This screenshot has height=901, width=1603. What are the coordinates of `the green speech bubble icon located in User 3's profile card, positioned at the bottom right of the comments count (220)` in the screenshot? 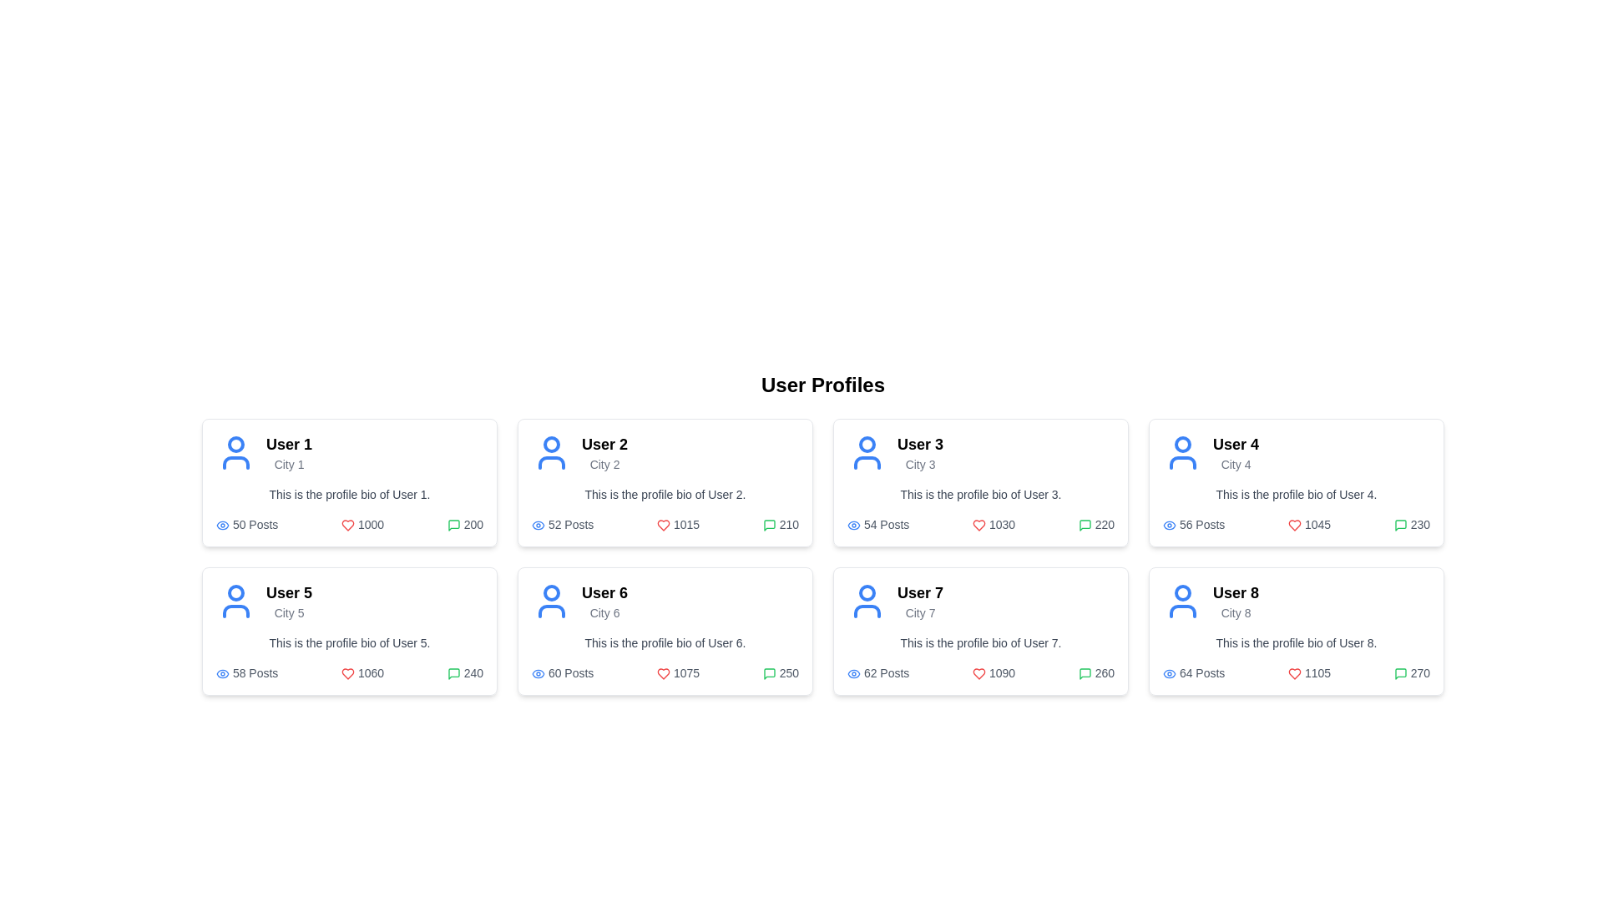 It's located at (1085, 526).